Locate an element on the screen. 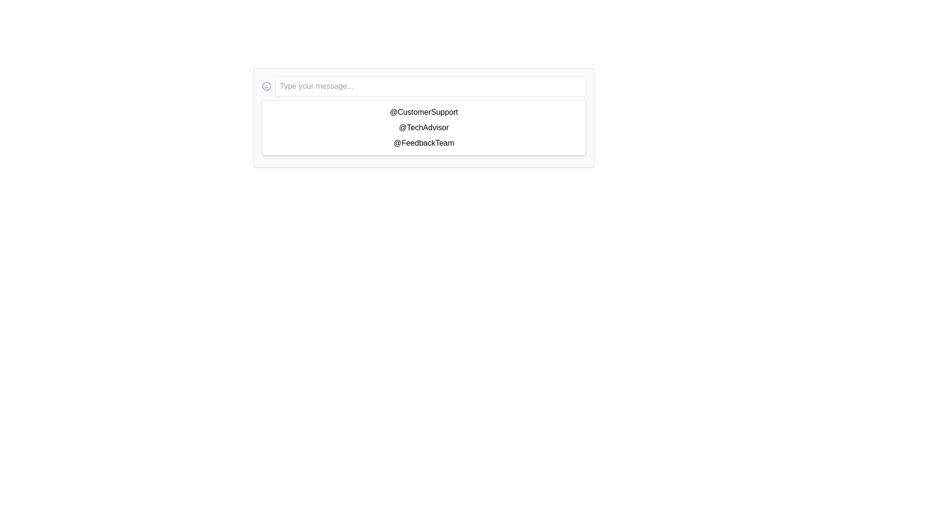 The image size is (926, 521). the text link element displaying '@FeedbackTeam' to interact or navigate is located at coordinates (423, 143).